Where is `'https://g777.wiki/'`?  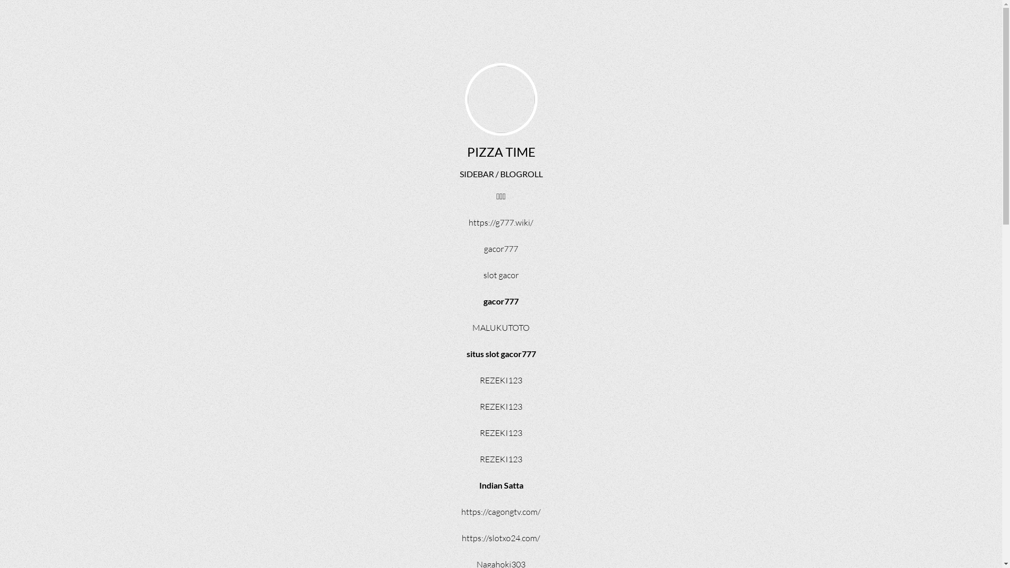 'https://g777.wiki/' is located at coordinates (500, 222).